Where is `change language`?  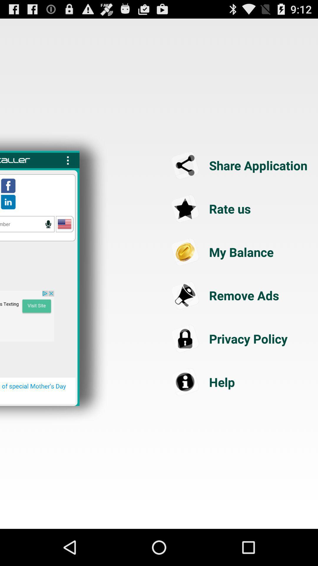 change language is located at coordinates (64, 224).